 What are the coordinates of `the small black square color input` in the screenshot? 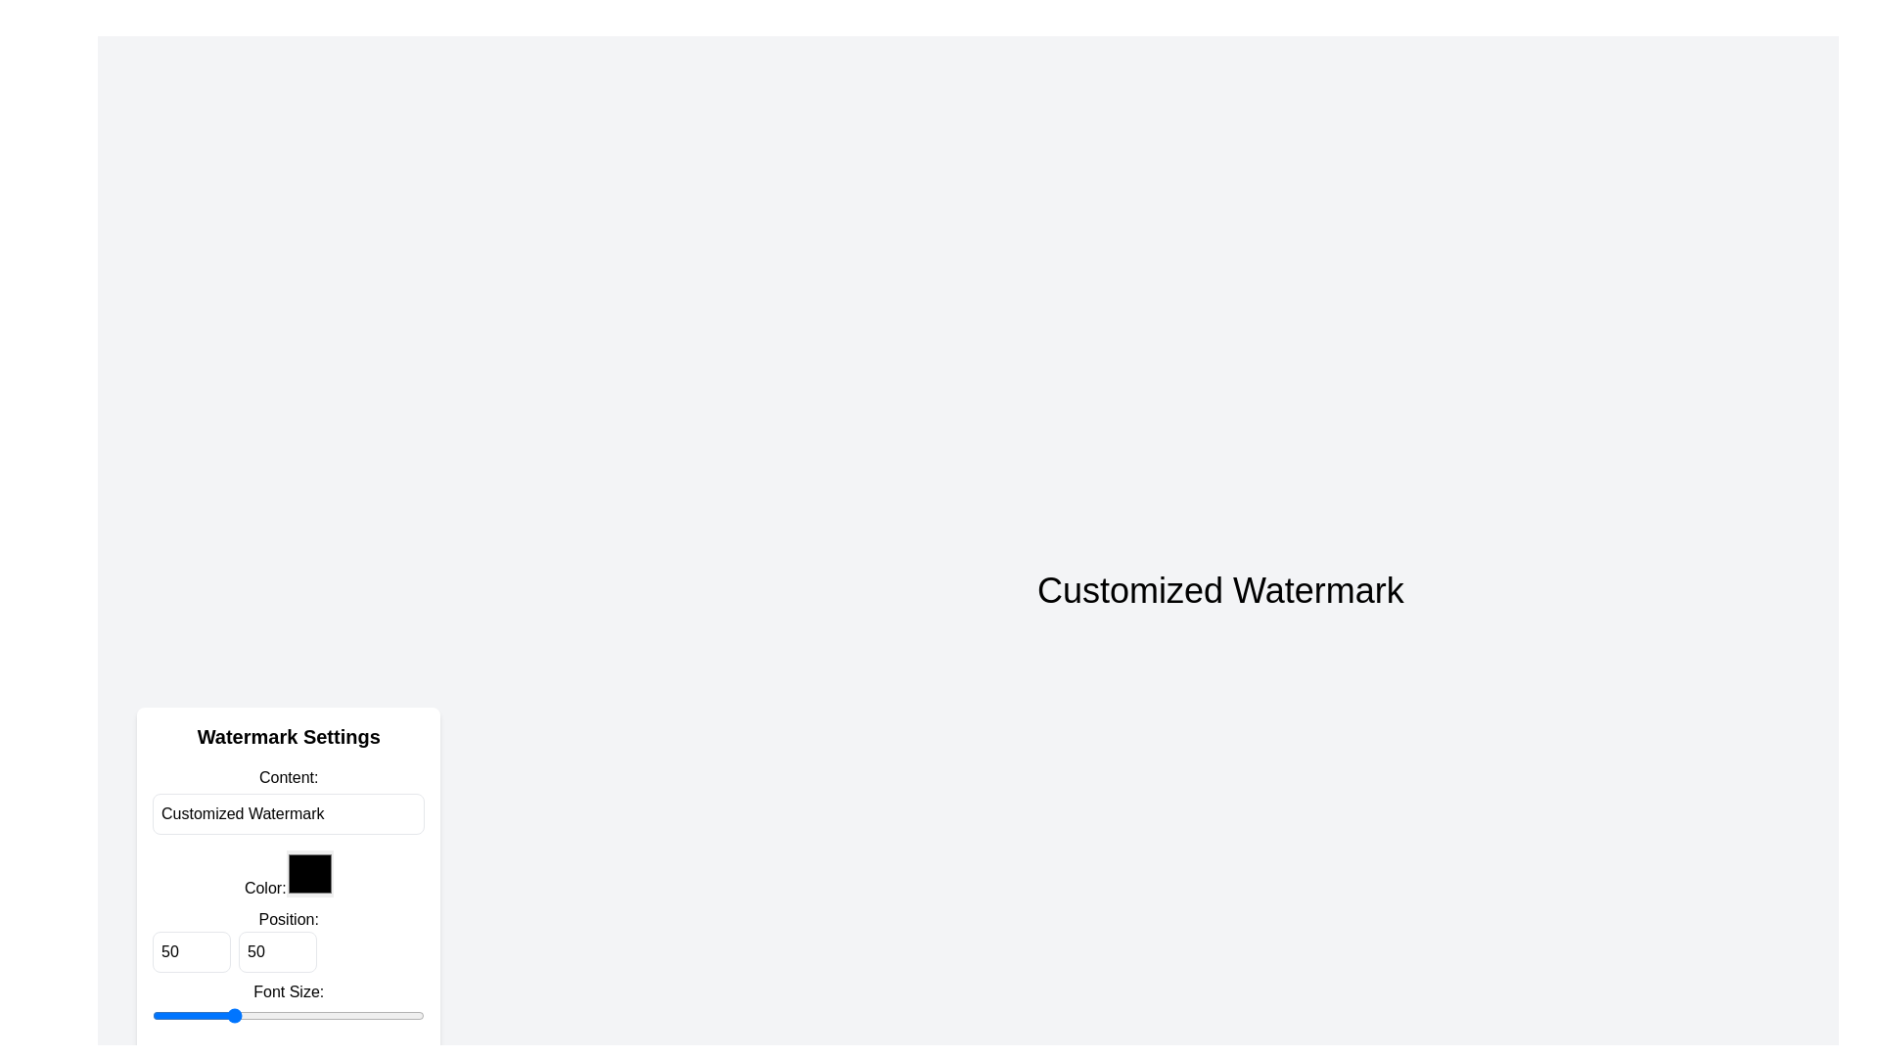 It's located at (308, 873).